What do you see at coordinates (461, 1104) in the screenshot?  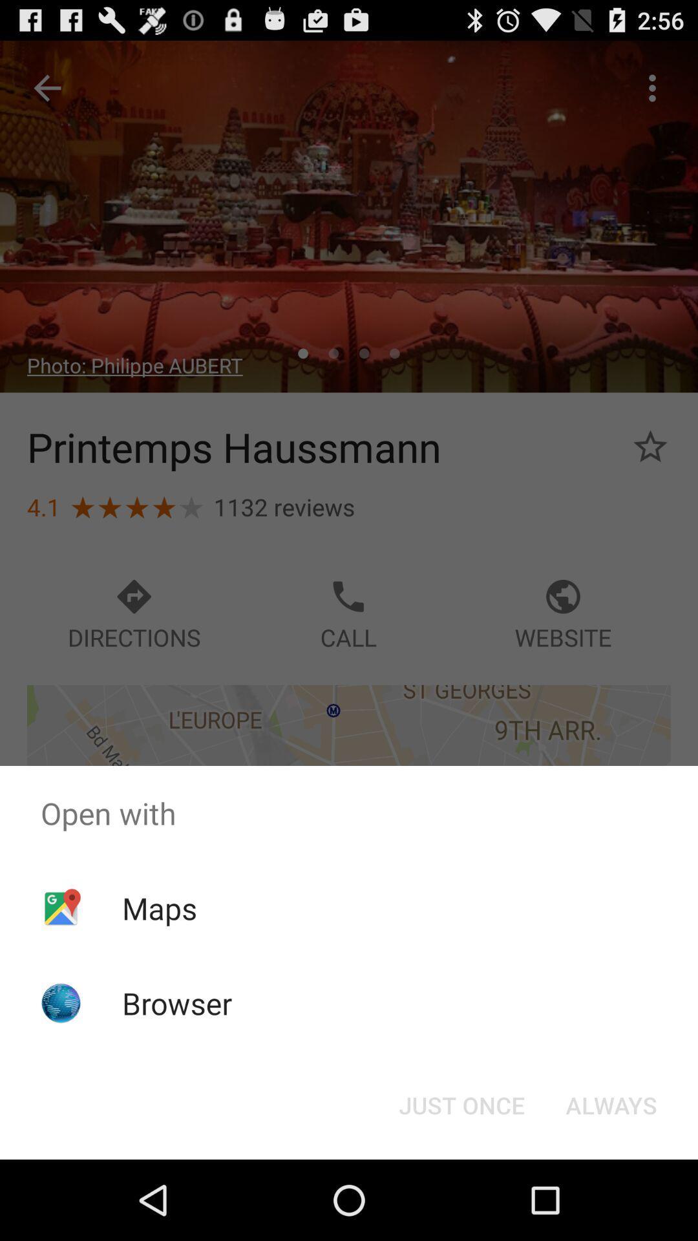 I see `the just once button` at bounding box center [461, 1104].